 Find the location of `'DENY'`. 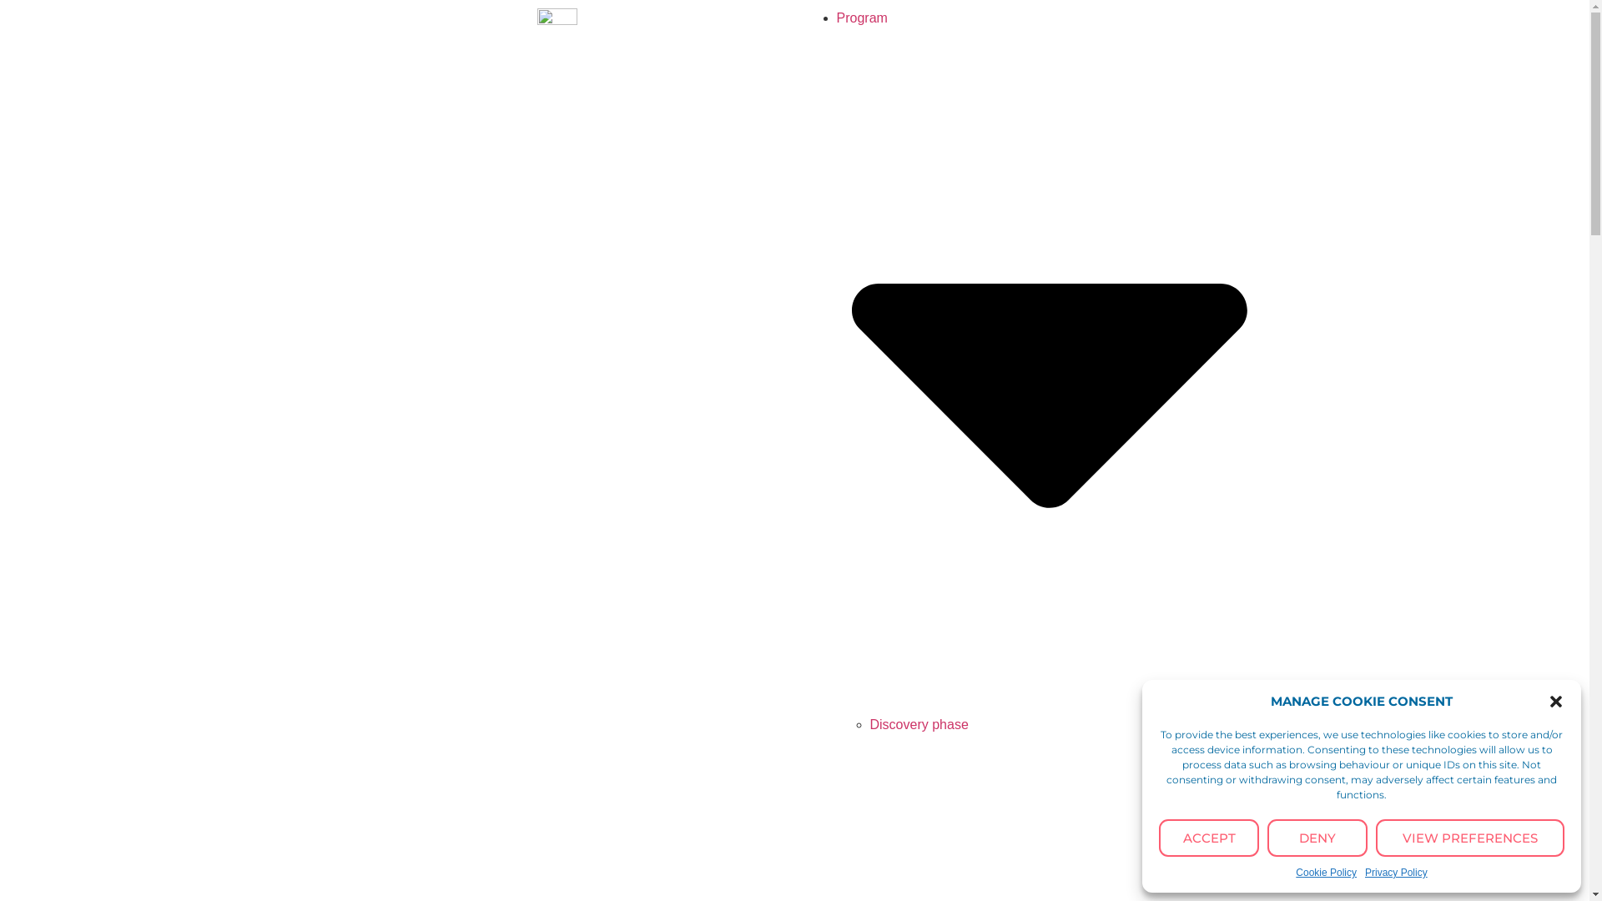

'DENY' is located at coordinates (1317, 838).